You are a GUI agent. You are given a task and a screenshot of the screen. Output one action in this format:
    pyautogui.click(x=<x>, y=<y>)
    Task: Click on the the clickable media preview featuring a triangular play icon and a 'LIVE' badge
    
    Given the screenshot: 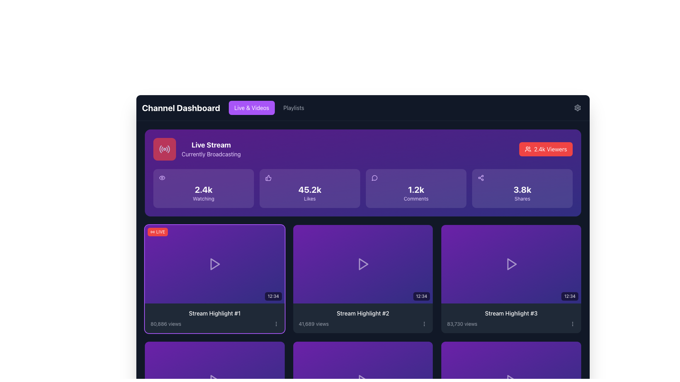 What is the action you would take?
    pyautogui.click(x=214, y=264)
    